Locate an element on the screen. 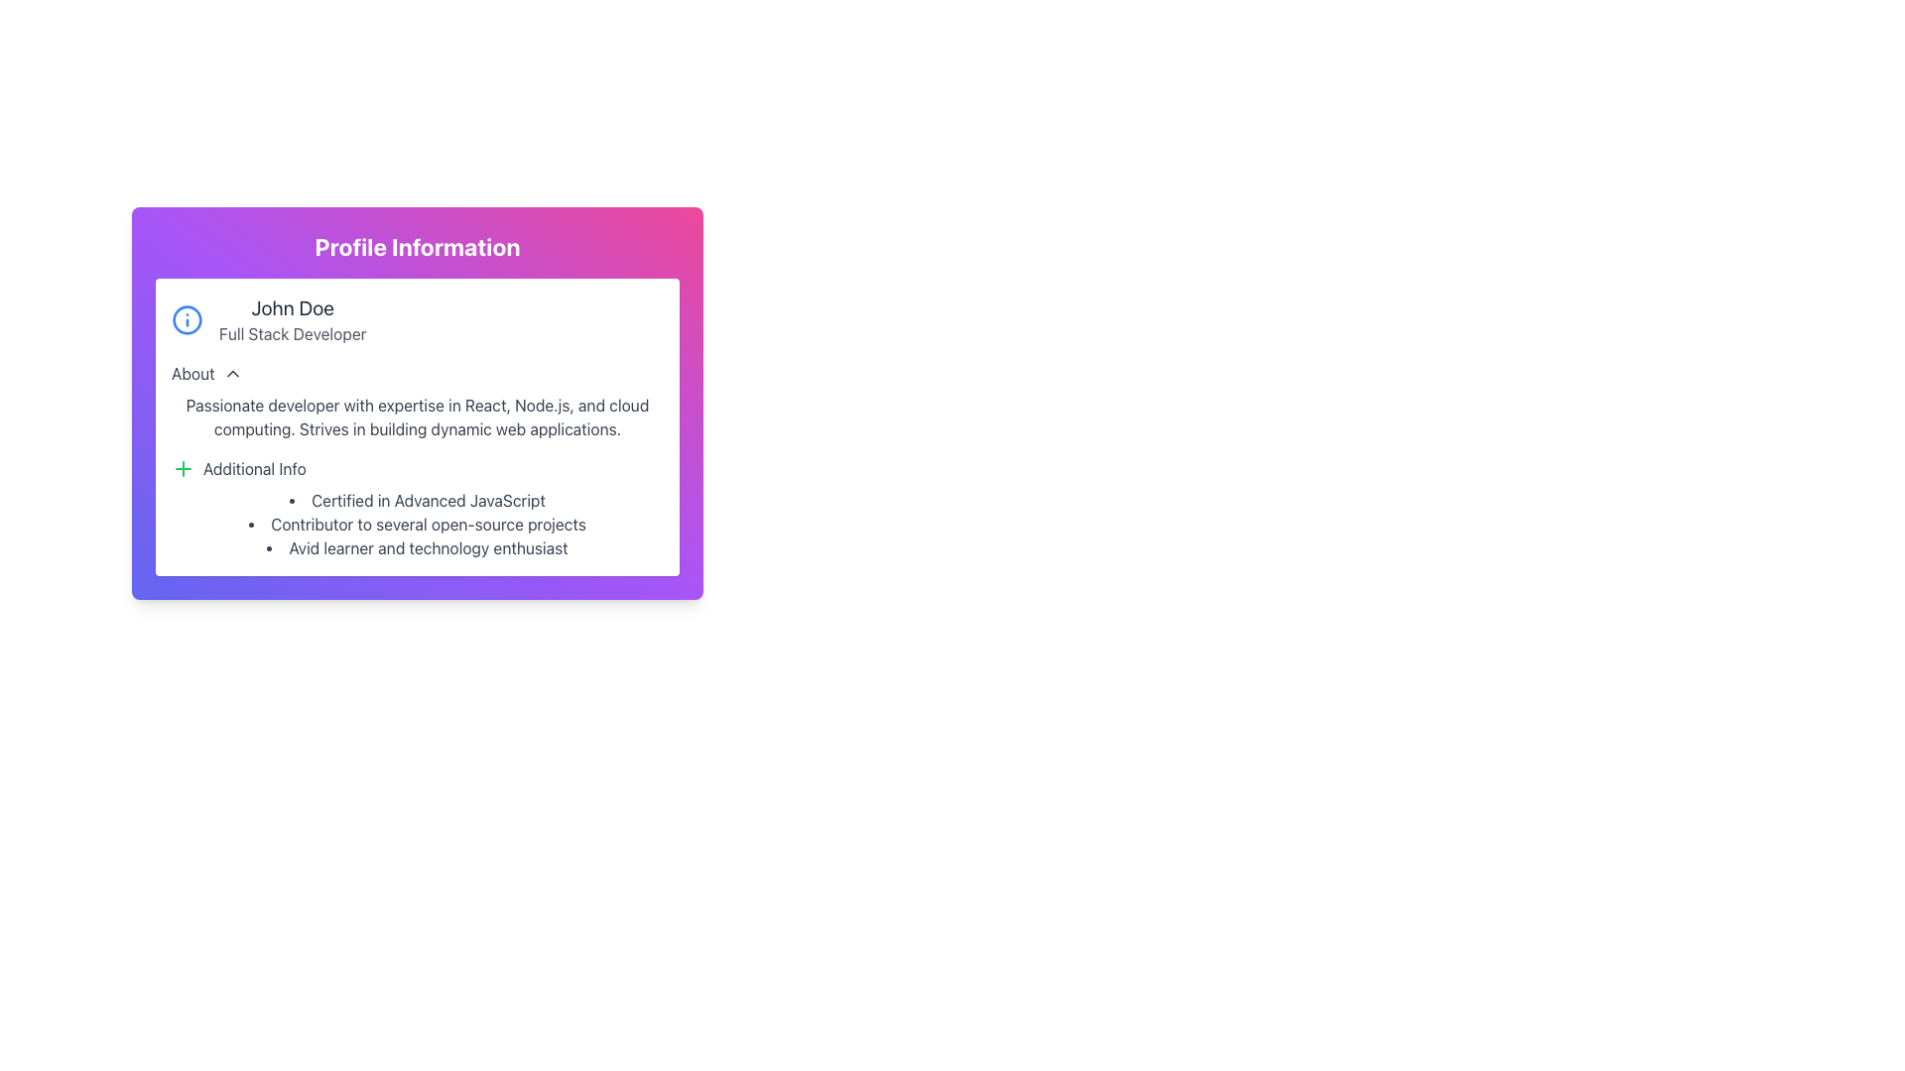  the bulleted list located beneath the 'Additional Info' heading in the profile card is located at coordinates (417, 523).